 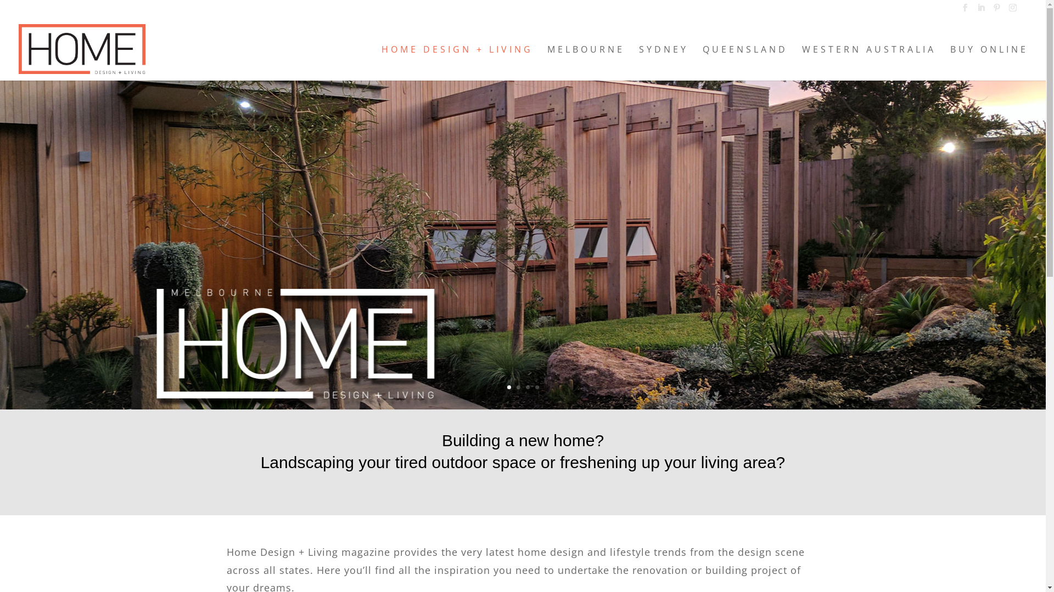 What do you see at coordinates (547, 62) in the screenshot?
I see `'MELBOURNE'` at bounding box center [547, 62].